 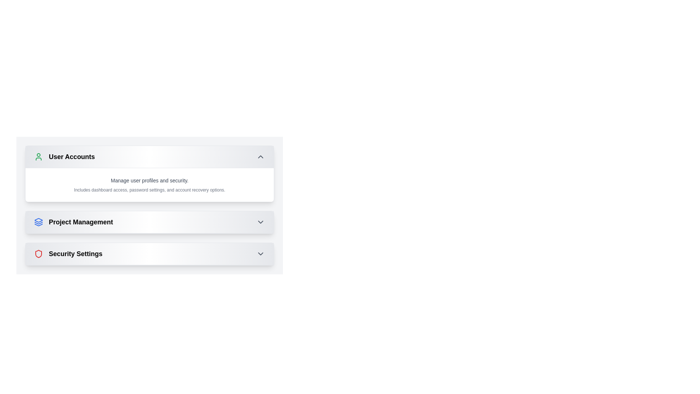 I want to click on the user account icon, which is a graphical representation of a person silhouette with a green border, located at the leftmost part of the 'User Accounts' section, so click(x=38, y=156).